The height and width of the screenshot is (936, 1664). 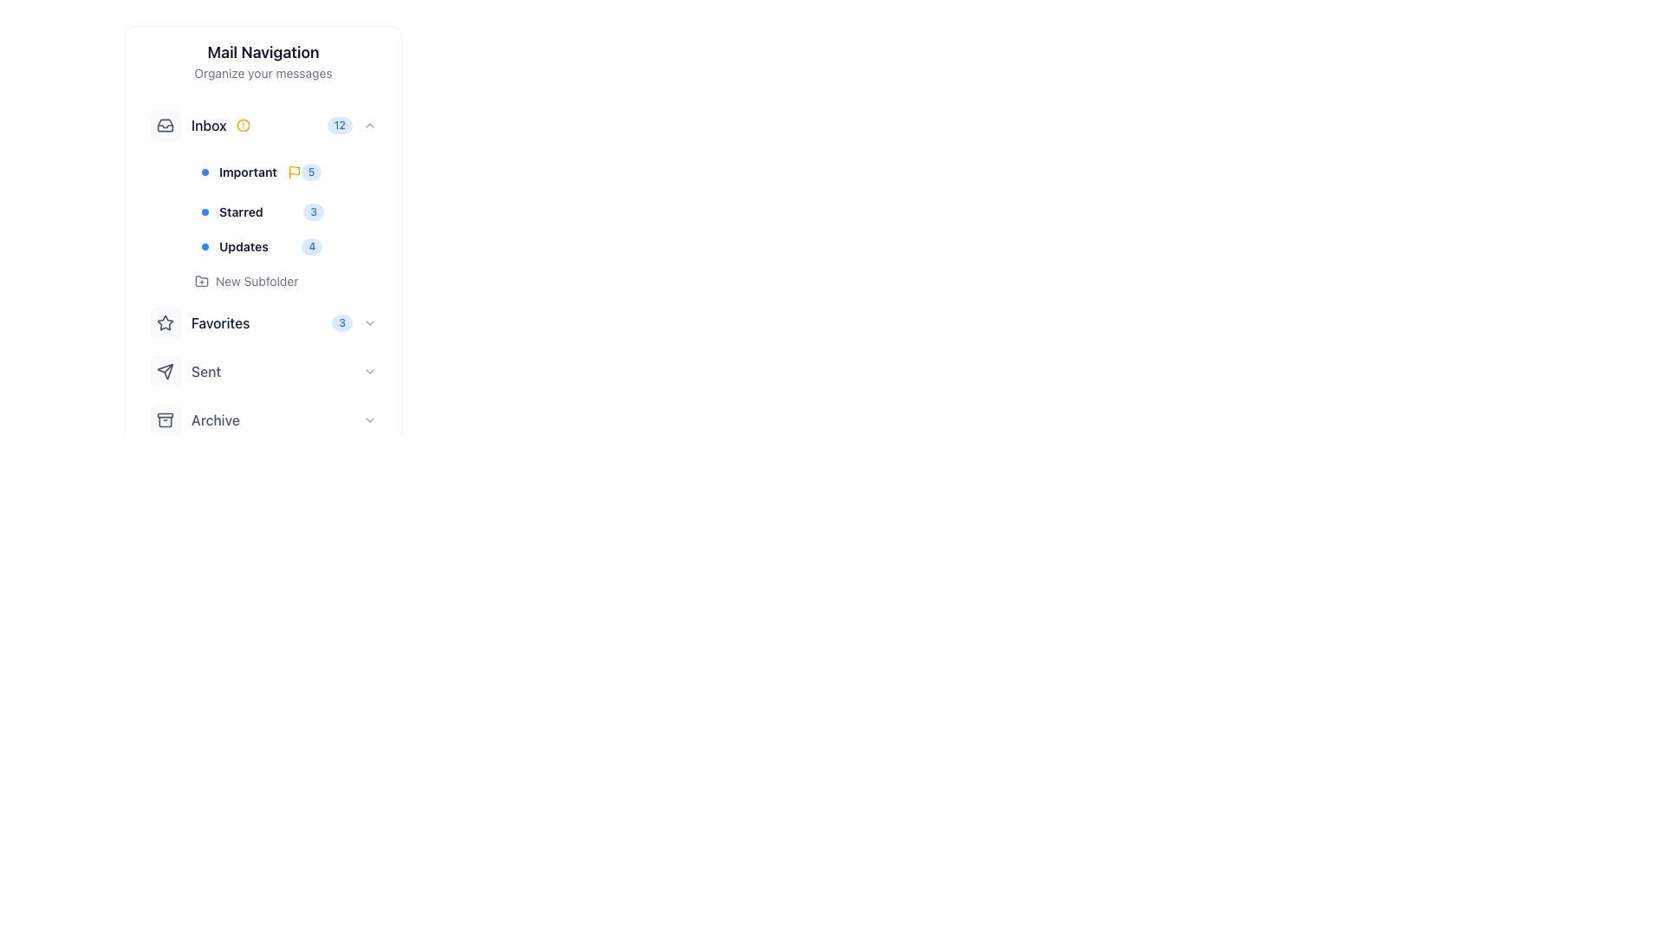 I want to click on the 'Inbox' text label in the 'Mail Navigation' section, which is styled with a medium font weight and displayed in dark gray, serving as the primary label for the first item in the navigation list, so click(x=208, y=125).